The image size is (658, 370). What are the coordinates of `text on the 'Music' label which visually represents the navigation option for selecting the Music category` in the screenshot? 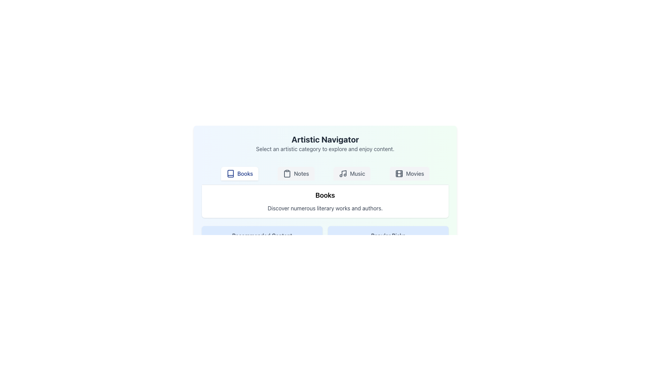 It's located at (357, 173).